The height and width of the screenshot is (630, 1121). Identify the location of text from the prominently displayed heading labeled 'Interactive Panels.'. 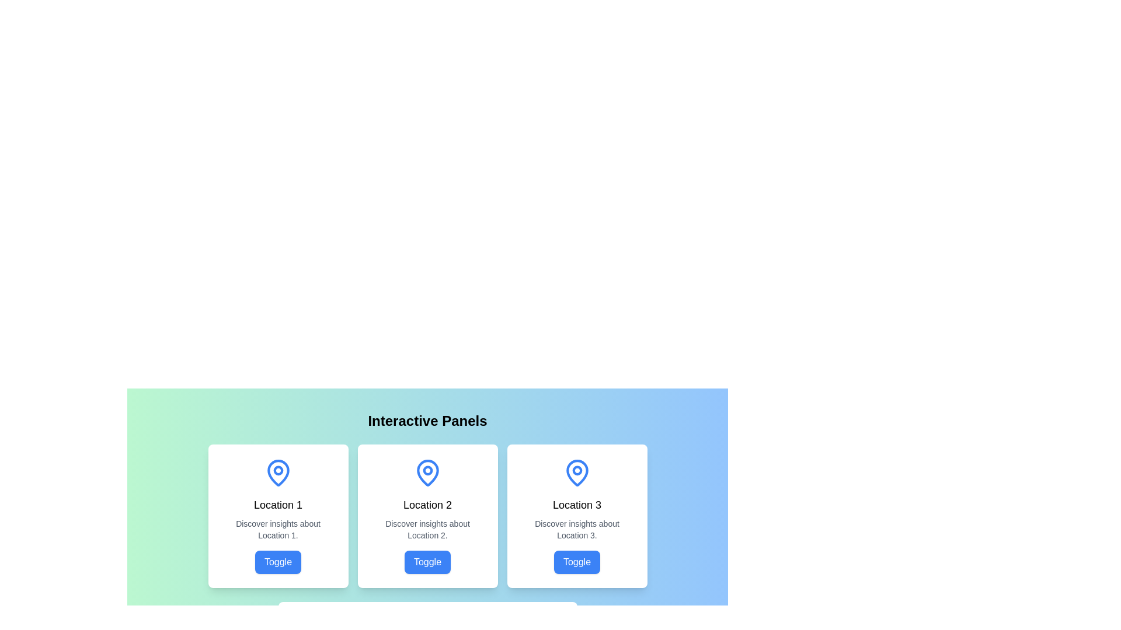
(427, 421).